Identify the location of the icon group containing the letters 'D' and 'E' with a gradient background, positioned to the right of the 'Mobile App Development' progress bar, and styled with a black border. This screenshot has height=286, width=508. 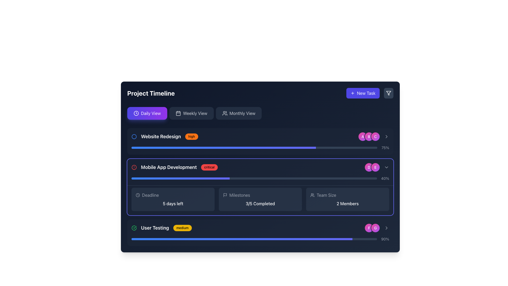
(372, 167).